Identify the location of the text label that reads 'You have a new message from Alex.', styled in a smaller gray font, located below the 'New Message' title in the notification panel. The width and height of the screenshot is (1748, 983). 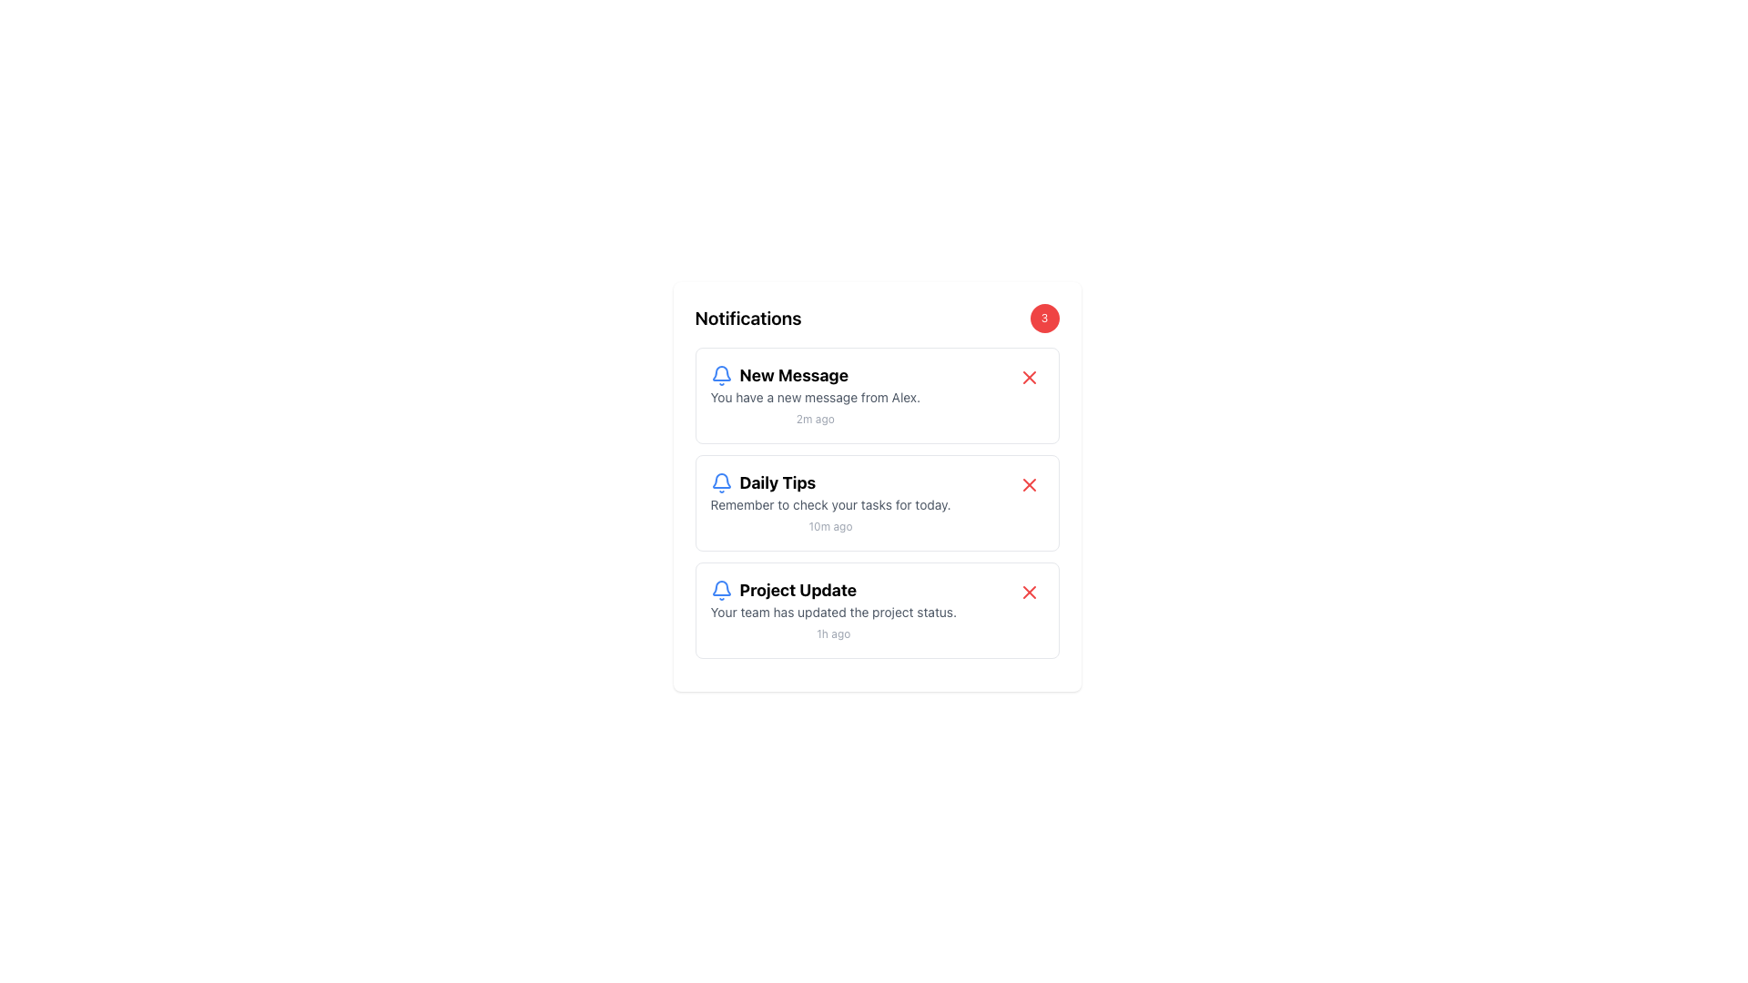
(814, 396).